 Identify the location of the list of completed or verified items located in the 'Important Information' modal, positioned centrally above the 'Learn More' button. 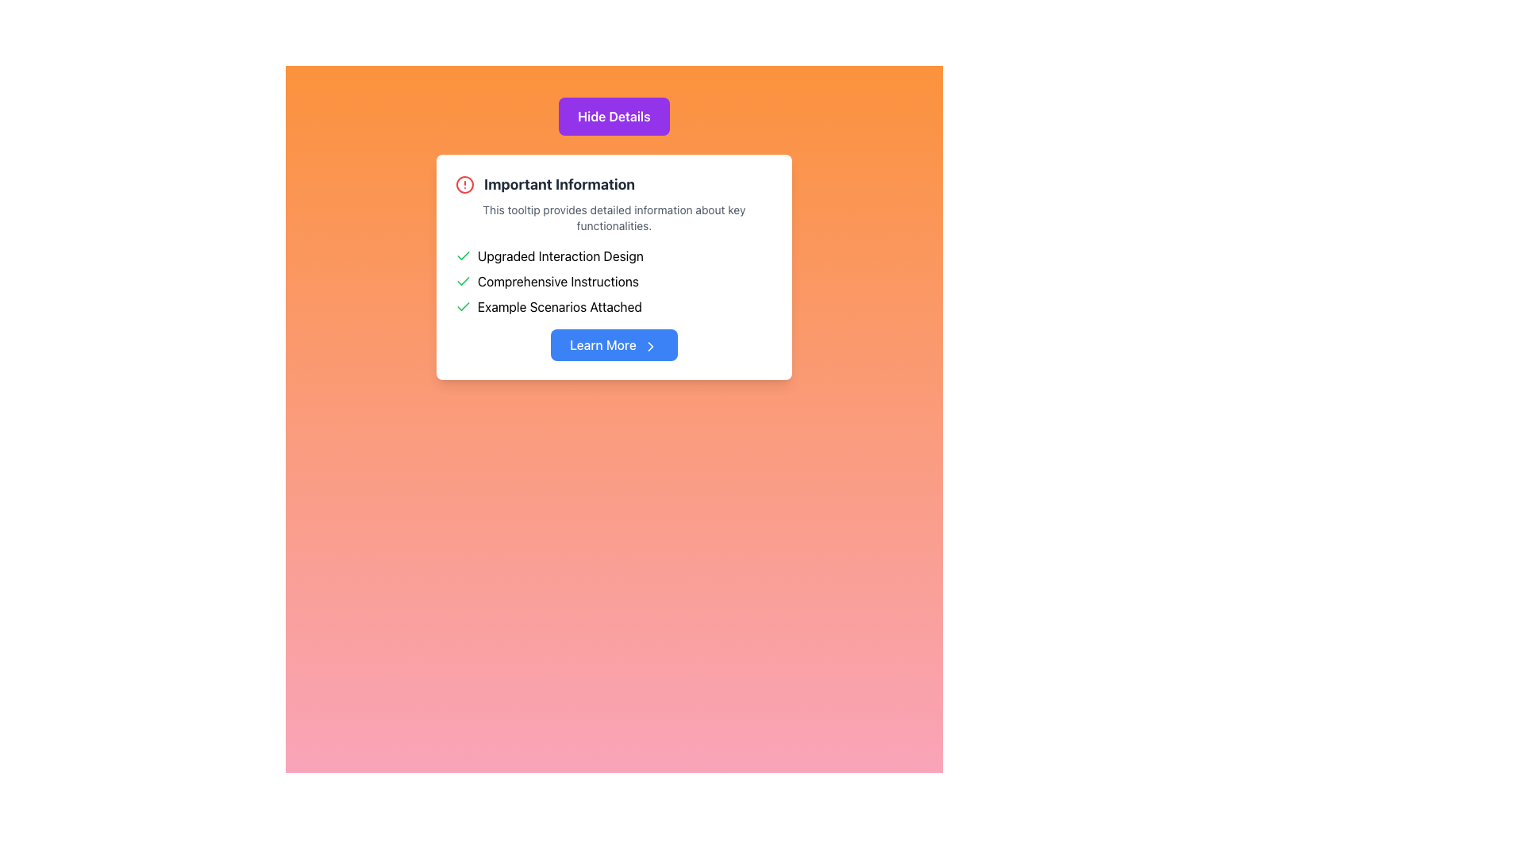
(613, 280).